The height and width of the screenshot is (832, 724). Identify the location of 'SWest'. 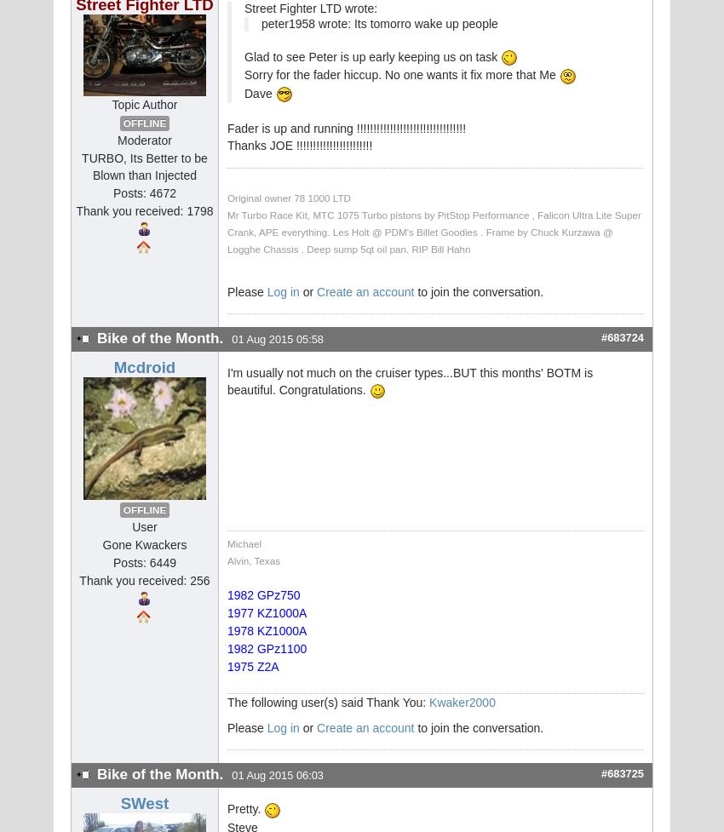
(144, 802).